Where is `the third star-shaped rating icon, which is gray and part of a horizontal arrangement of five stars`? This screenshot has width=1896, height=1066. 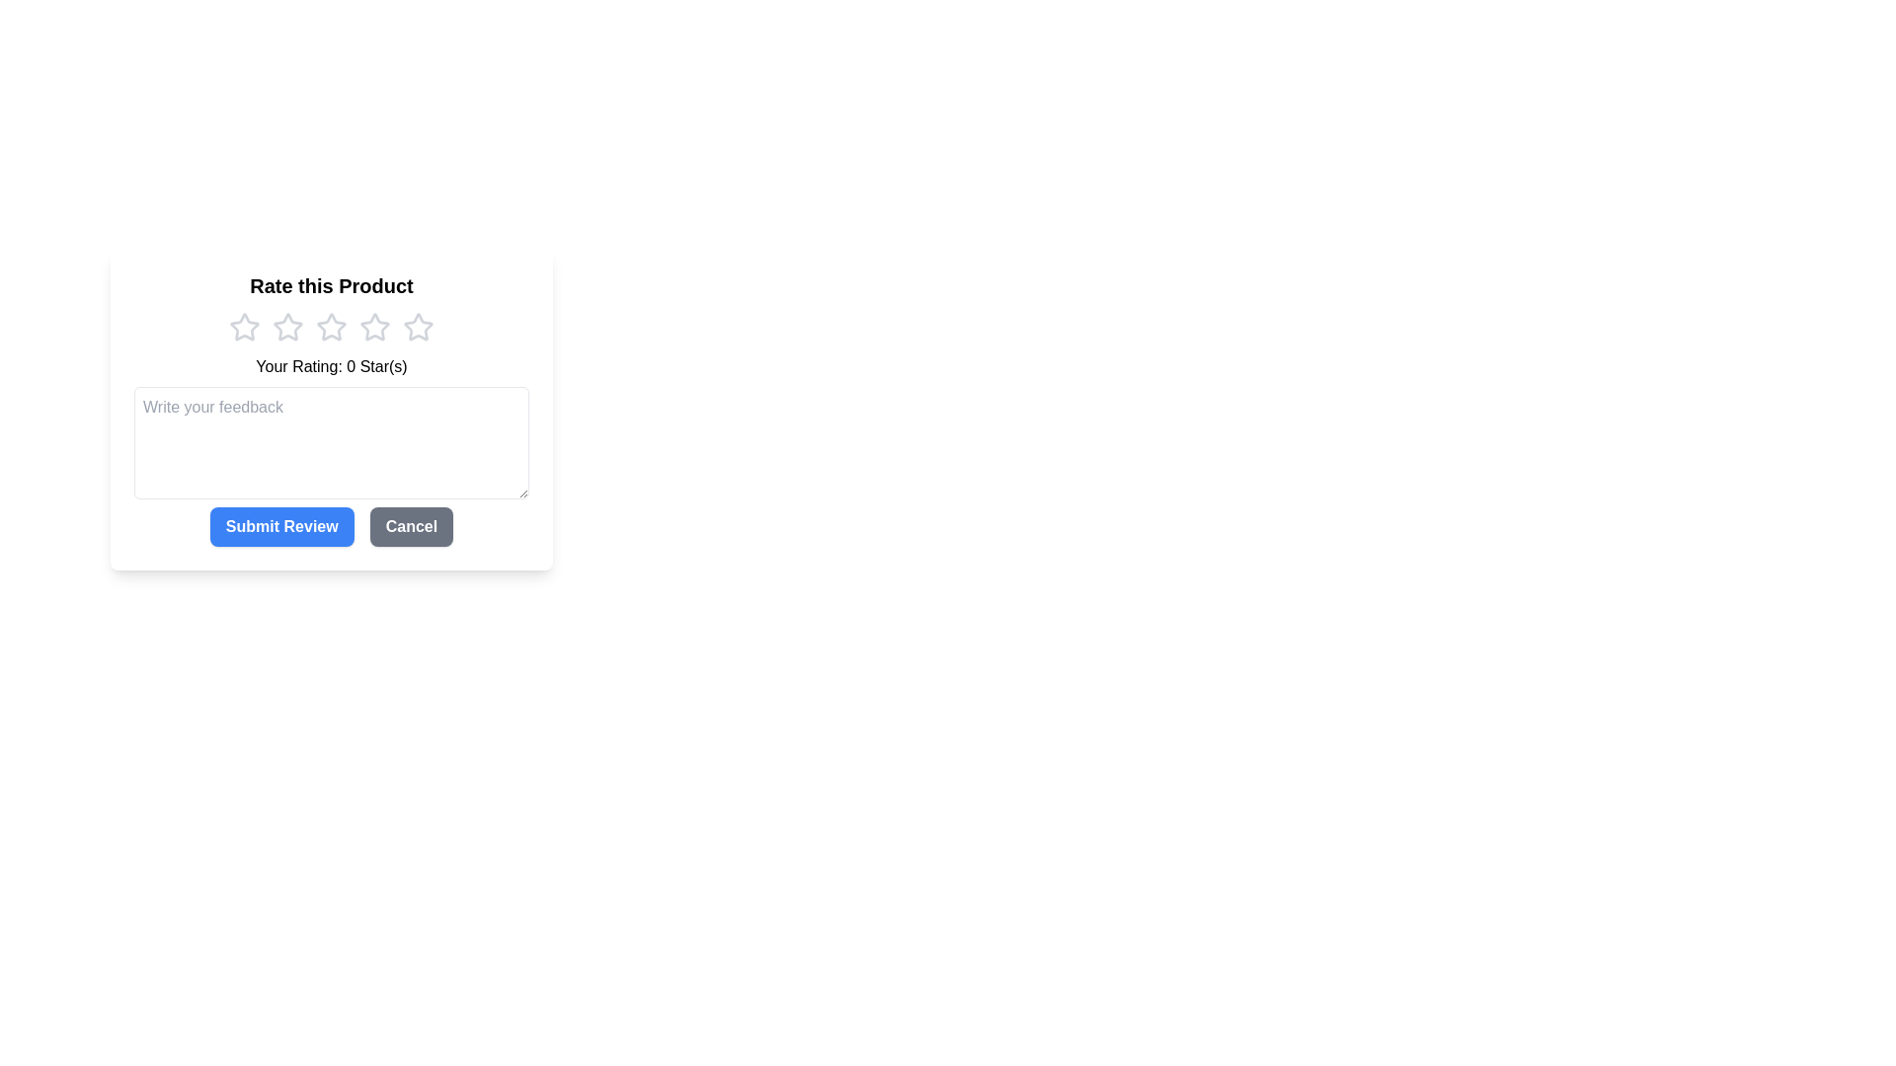 the third star-shaped rating icon, which is gray and part of a horizontal arrangement of five stars is located at coordinates (332, 326).